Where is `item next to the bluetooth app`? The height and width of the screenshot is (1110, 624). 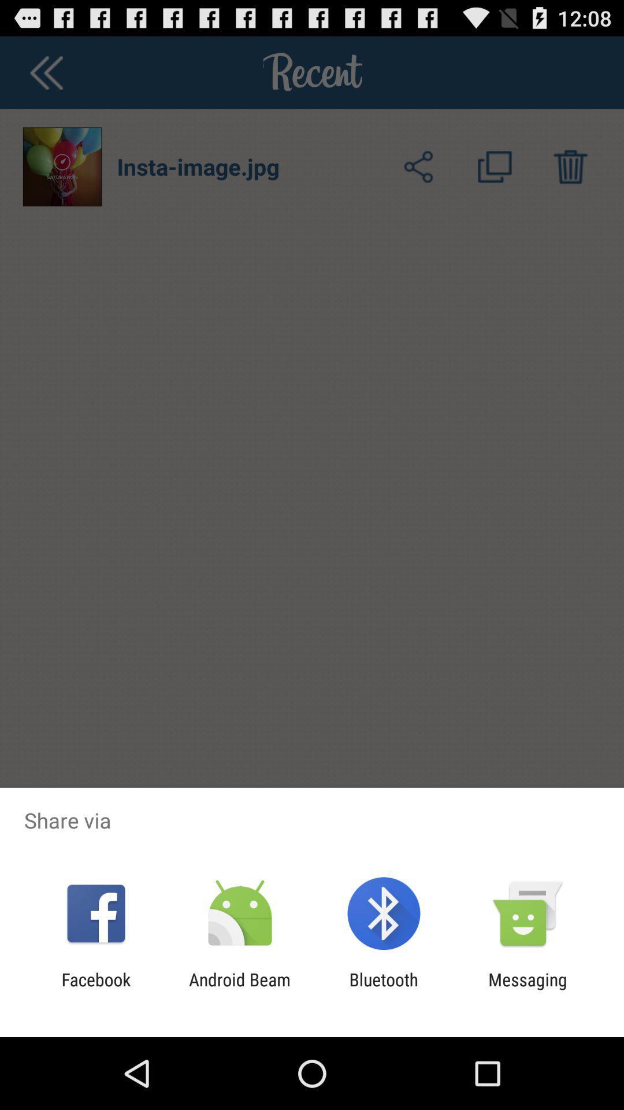
item next to the bluetooth app is located at coordinates (239, 989).